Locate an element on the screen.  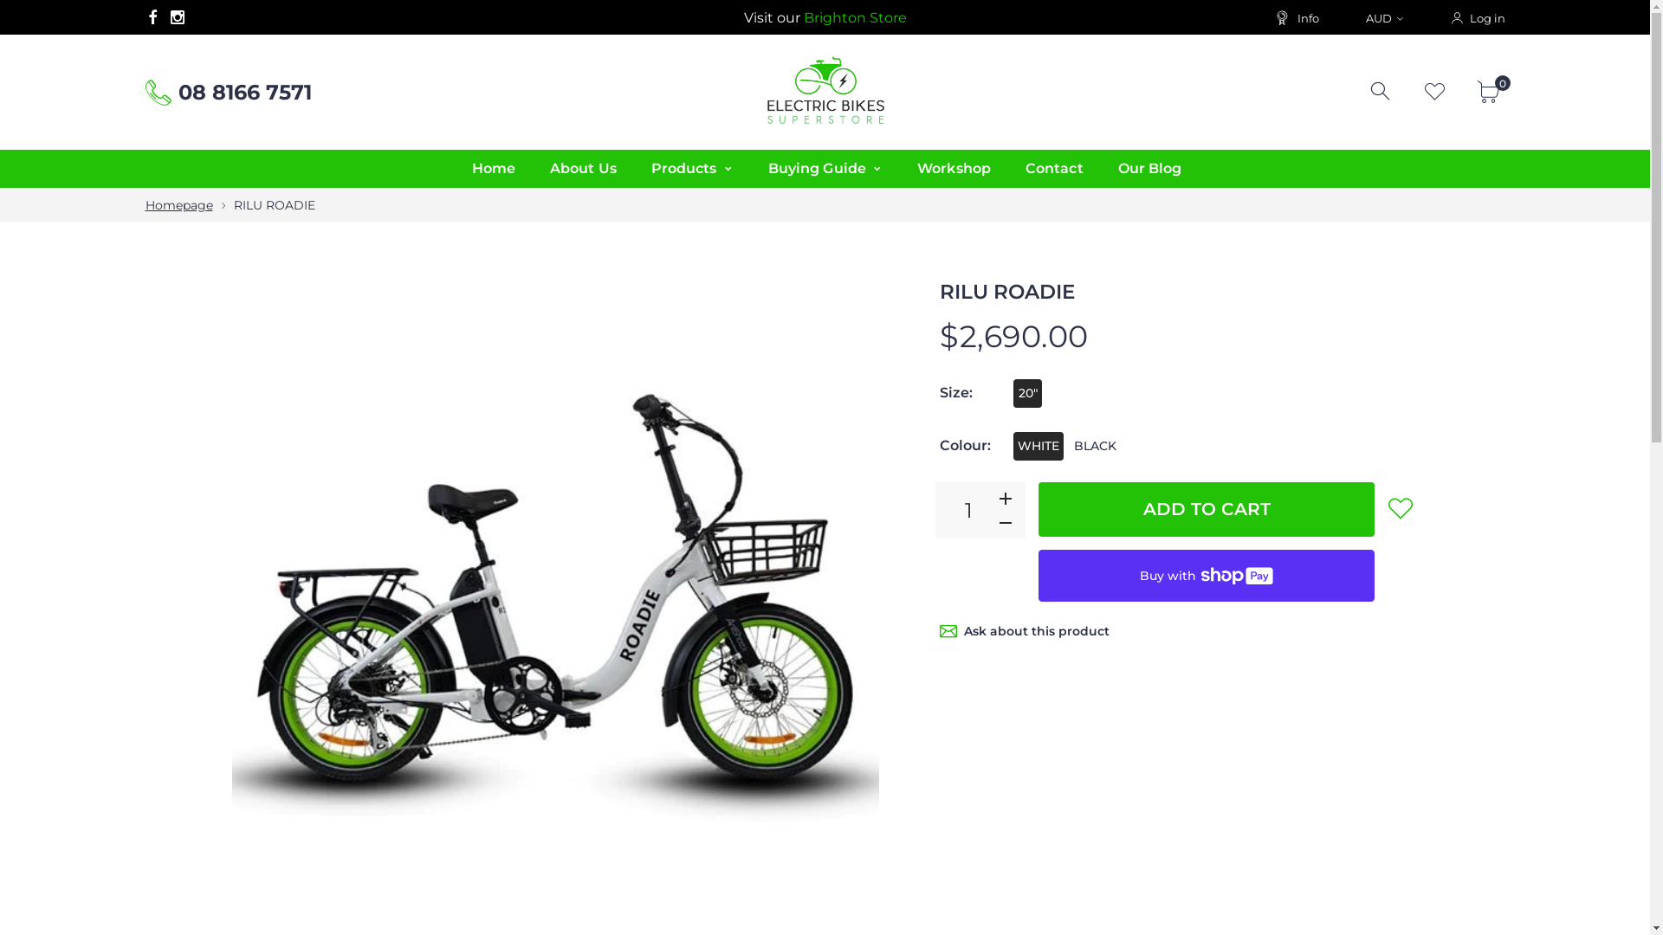
'Ask about this product' is located at coordinates (1036, 631).